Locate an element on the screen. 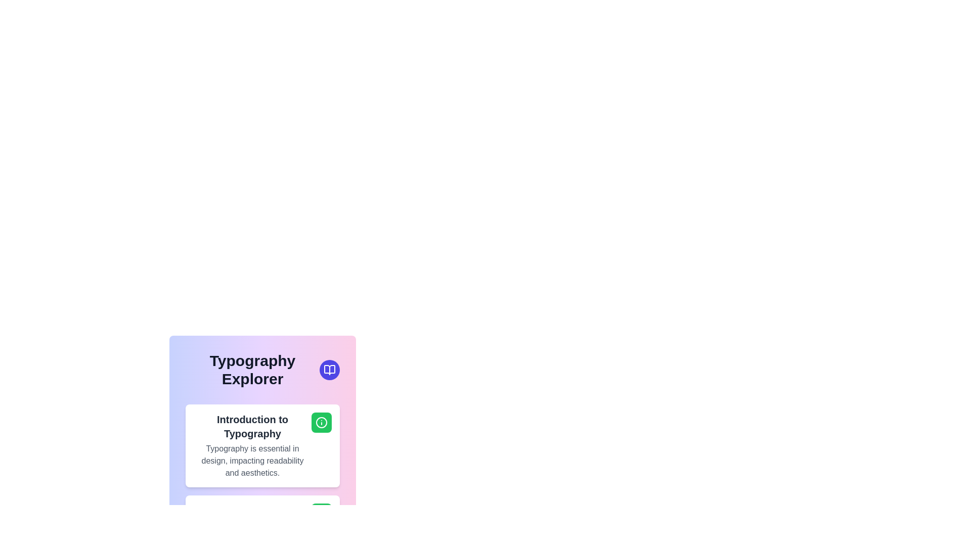 The image size is (971, 546). the open book icon located in the top-right corner of the 'Typography Explorer' component, adjacent to the header text is located at coordinates (330, 370).